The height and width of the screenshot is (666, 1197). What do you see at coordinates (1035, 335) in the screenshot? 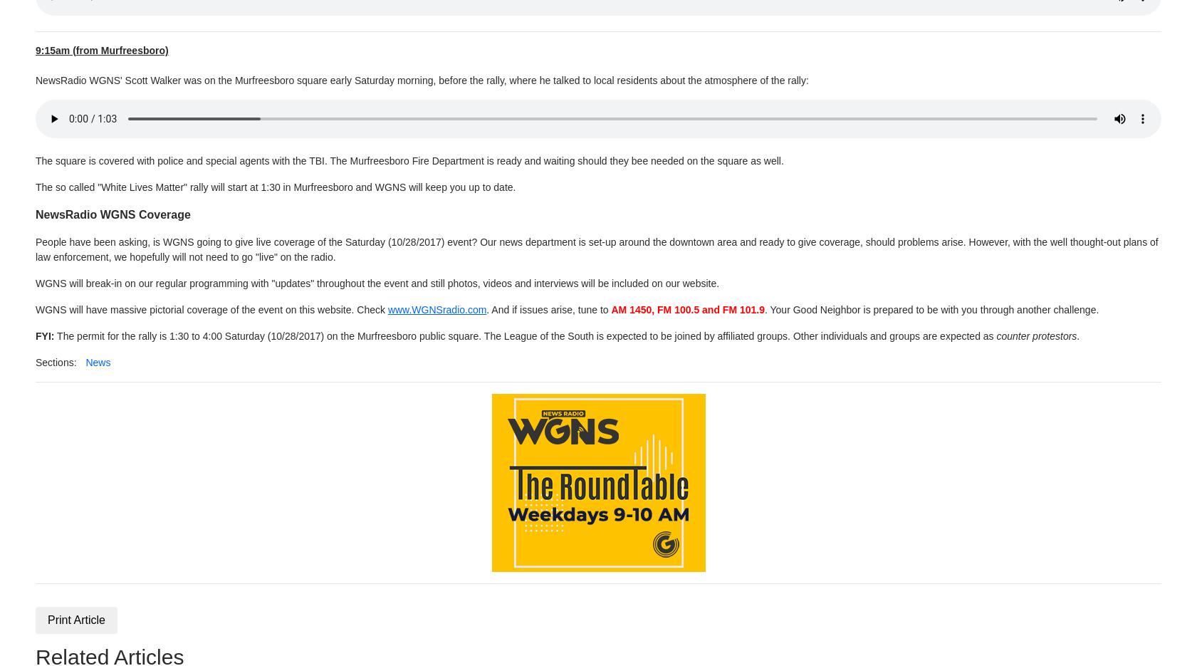
I see `'counter protestors'` at bounding box center [1035, 335].